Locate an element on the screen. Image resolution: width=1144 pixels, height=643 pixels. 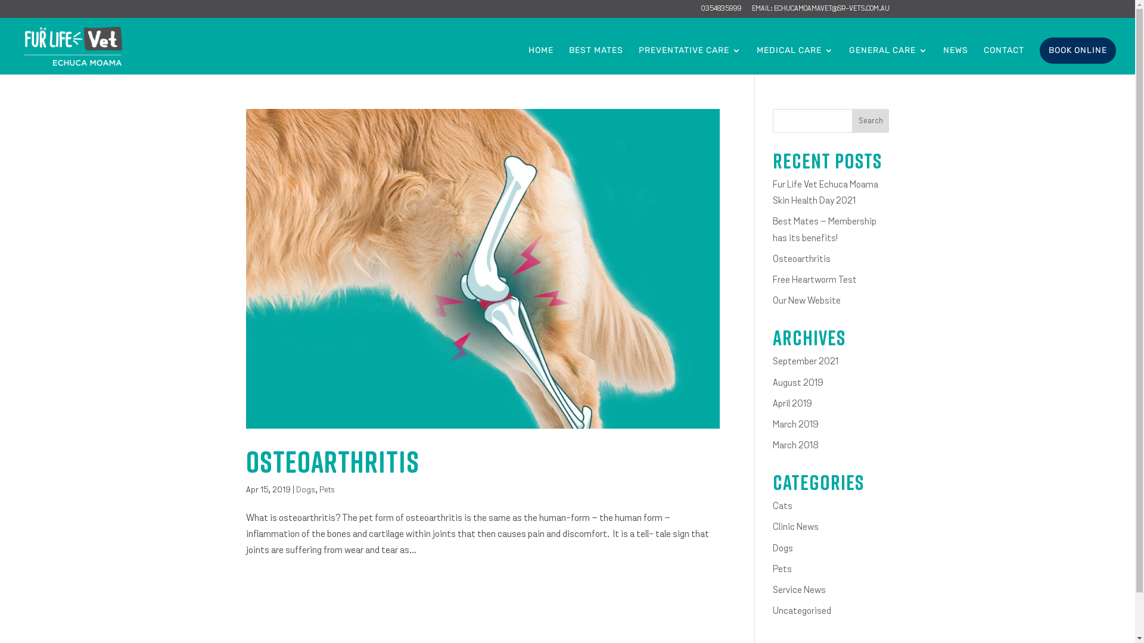
'PREVENTATIVE CARE' is located at coordinates (689, 60).